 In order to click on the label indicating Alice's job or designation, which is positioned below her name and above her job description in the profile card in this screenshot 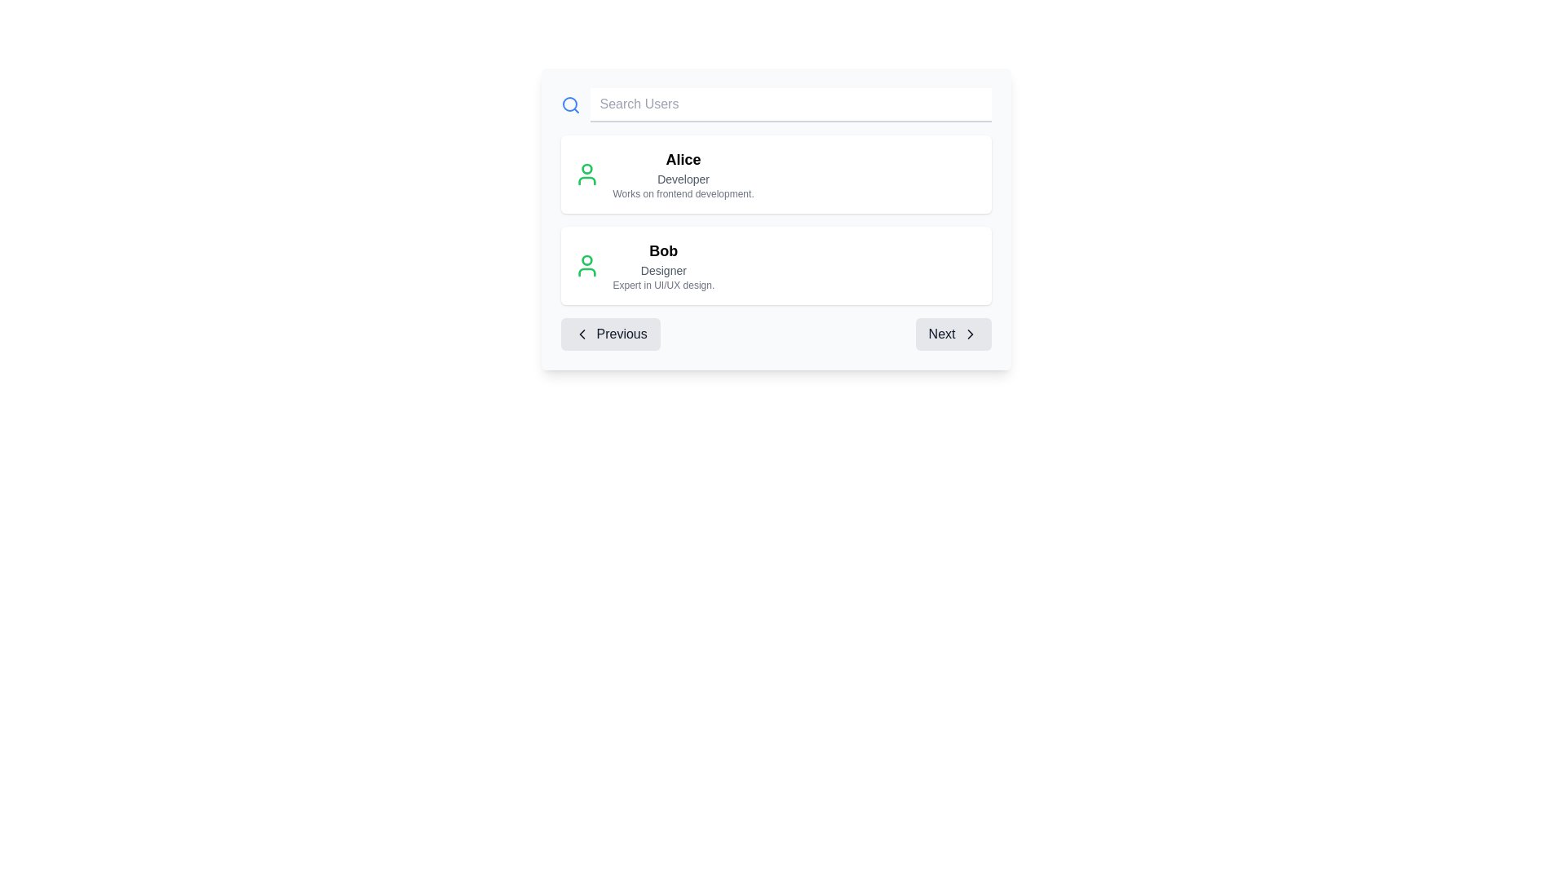, I will do `click(683, 179)`.